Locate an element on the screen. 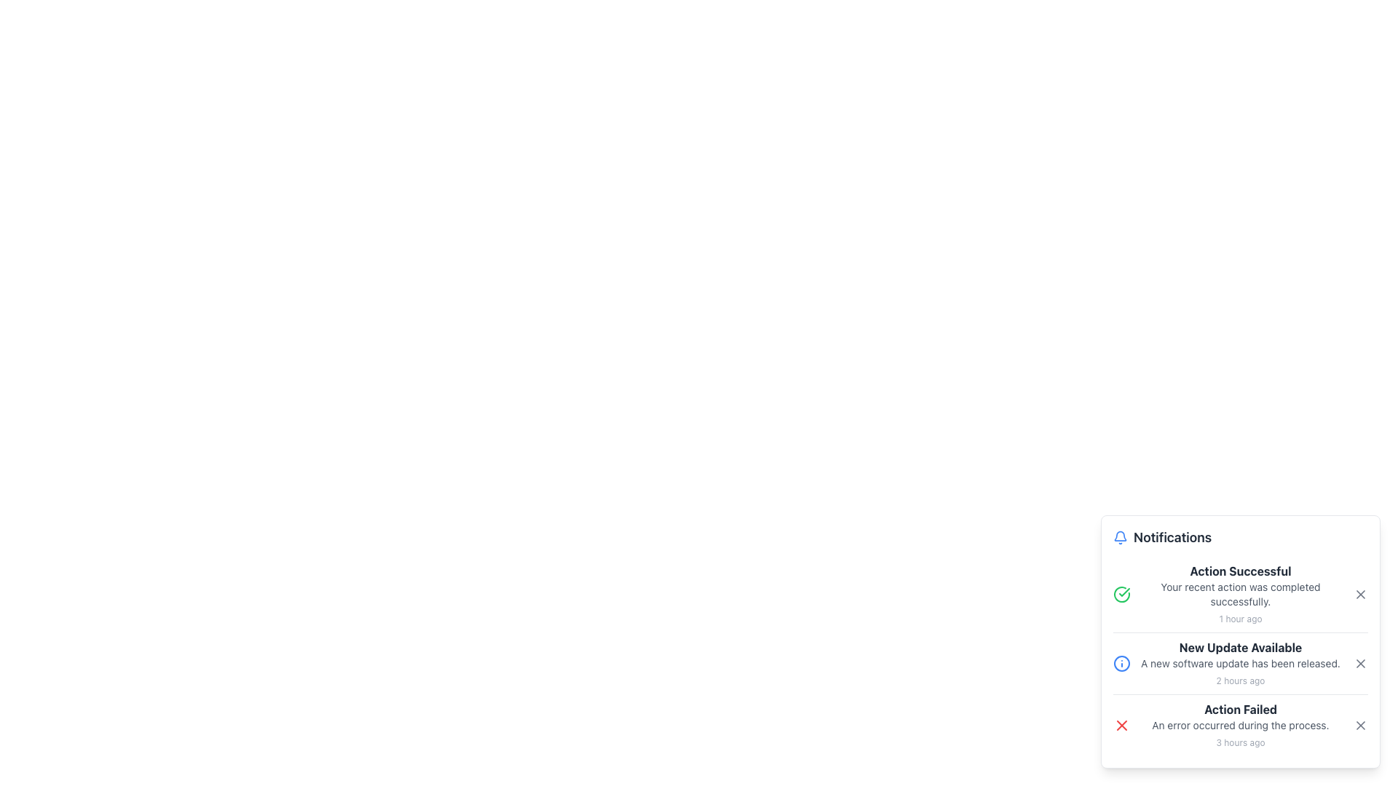 The width and height of the screenshot is (1398, 786). the text label displaying '3 hours ago', which is located in the notification entry for the 'Action Failed' message is located at coordinates (1240, 742).